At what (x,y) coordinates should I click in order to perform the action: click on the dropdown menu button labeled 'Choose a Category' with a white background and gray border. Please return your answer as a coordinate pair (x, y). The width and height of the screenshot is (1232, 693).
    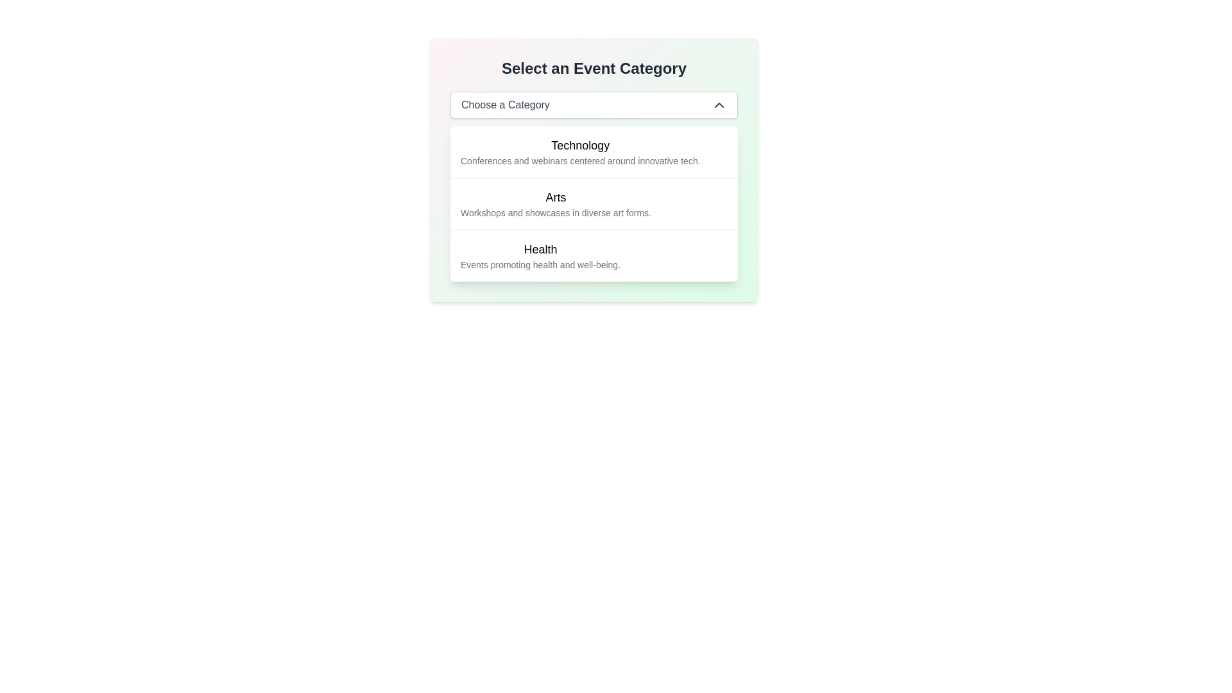
    Looking at the image, I should click on (594, 105).